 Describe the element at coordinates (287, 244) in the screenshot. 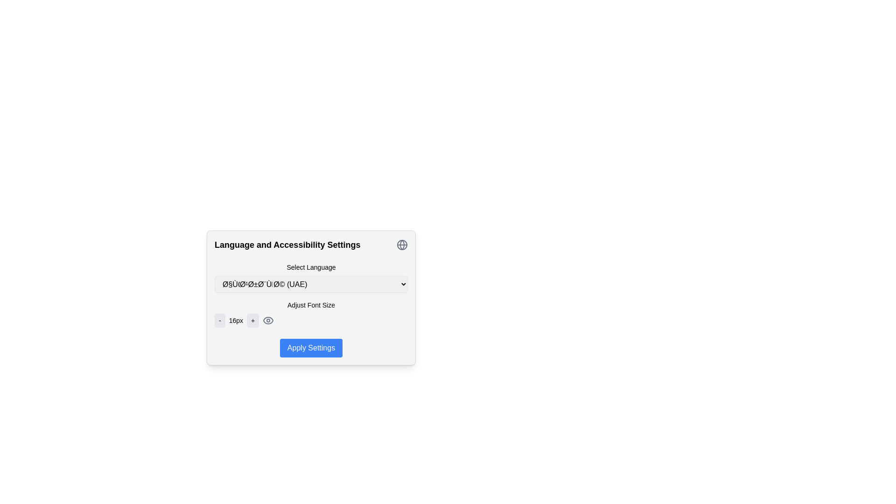

I see `the text label 'Language and Accessibility Settings', which is styled as a bold heading at the top of a smaller, centered interface card` at that location.